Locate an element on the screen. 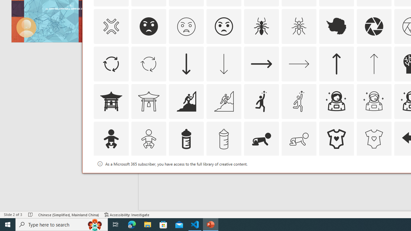  'AutomationID: Icons_Baby_M' is located at coordinates (148, 138).